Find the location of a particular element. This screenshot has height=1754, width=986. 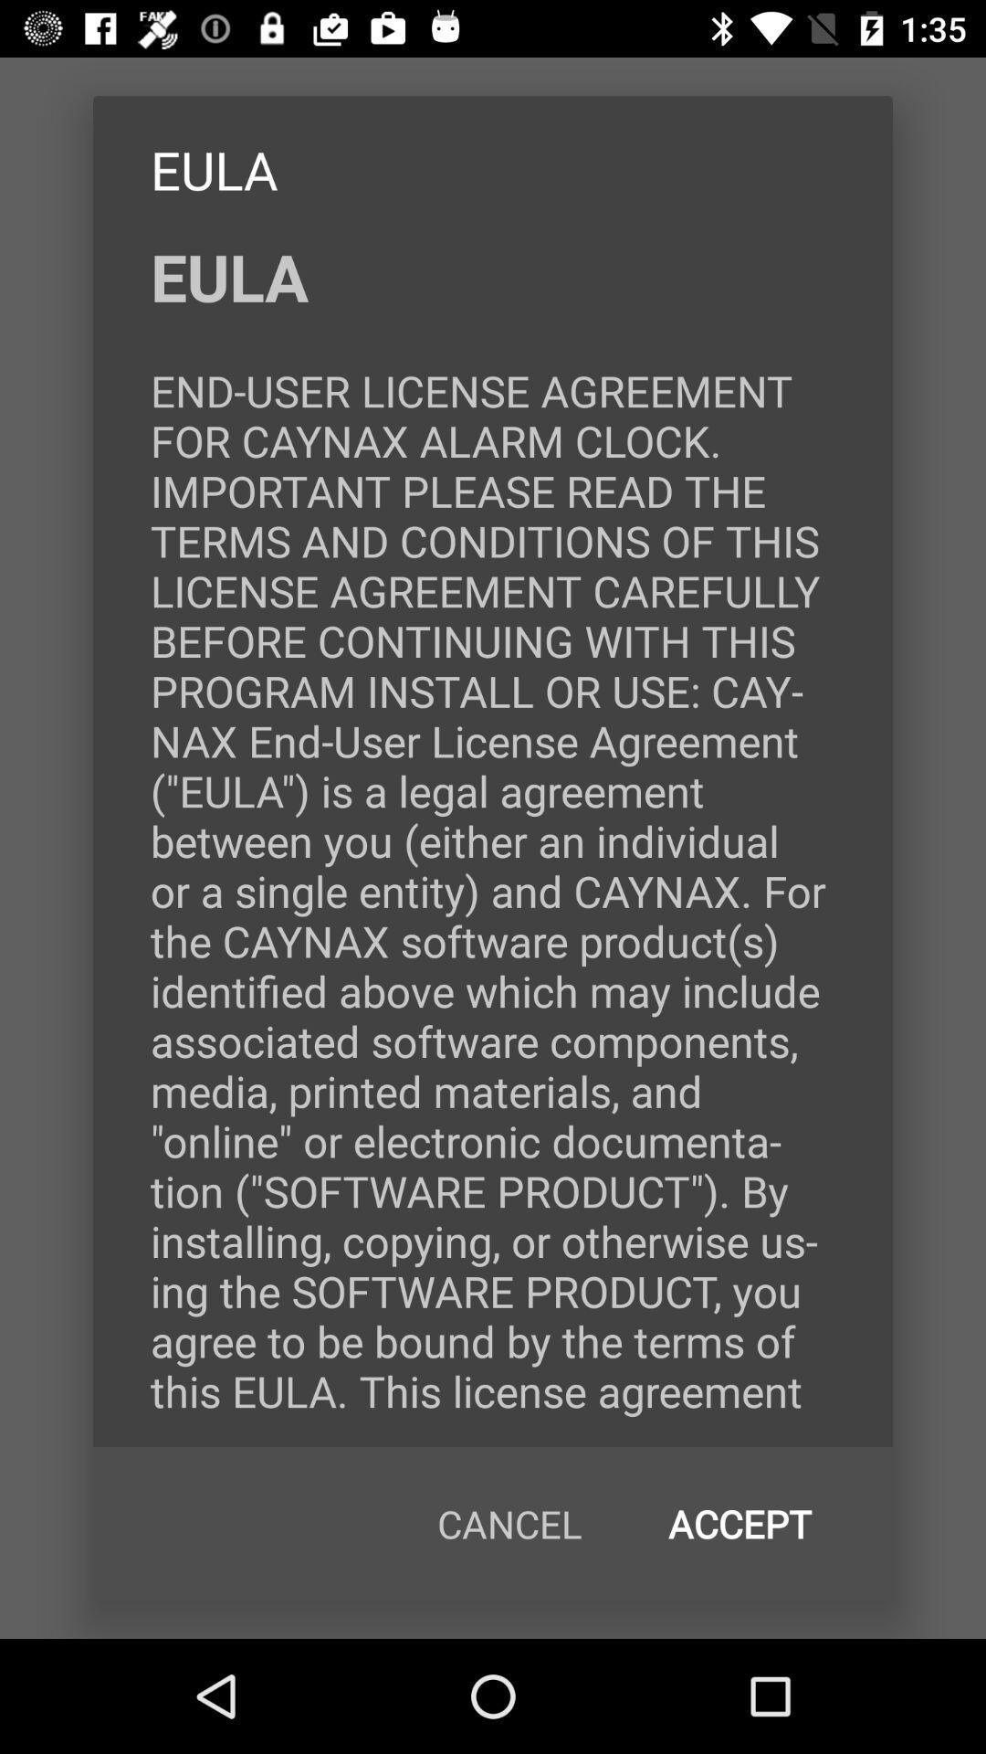

icon below eula end user icon is located at coordinates (739, 1524).